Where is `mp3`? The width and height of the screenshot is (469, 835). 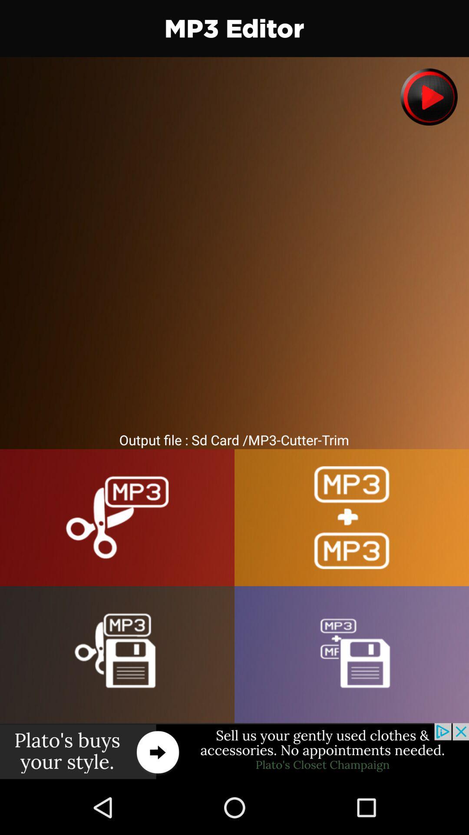
mp3 is located at coordinates (352, 655).